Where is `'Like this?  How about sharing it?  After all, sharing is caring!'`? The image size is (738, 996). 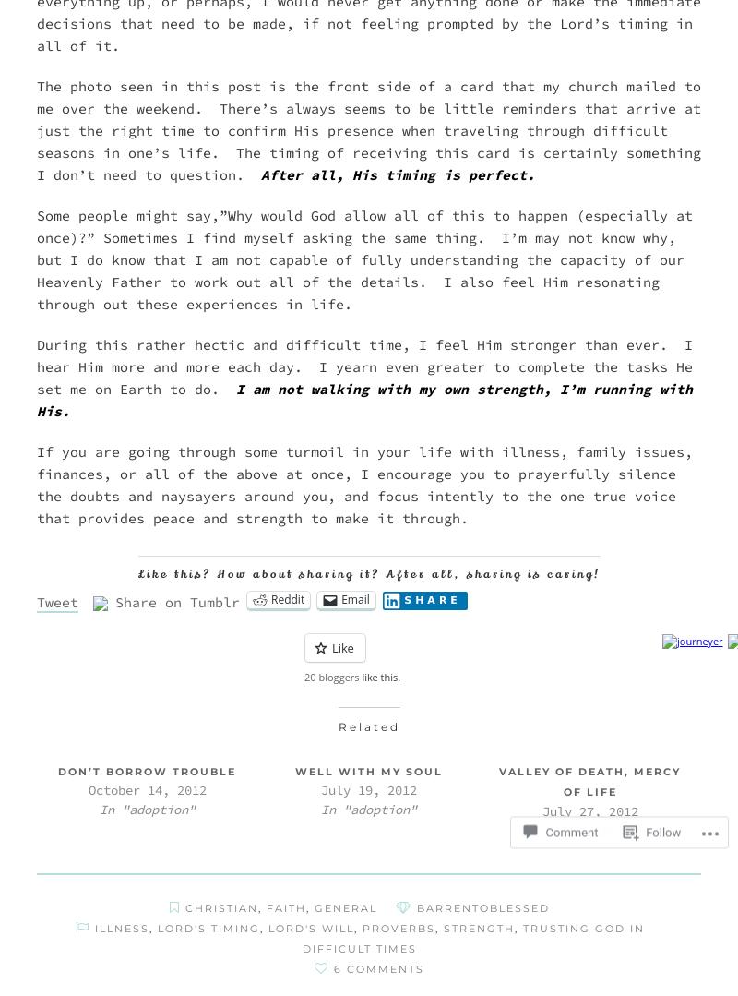
'Like this?  How about sharing it?  After all, sharing is caring!' is located at coordinates (367, 572).